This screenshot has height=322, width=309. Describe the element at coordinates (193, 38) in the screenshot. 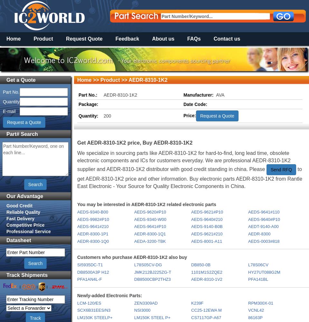

I see `'FAQs'` at that location.